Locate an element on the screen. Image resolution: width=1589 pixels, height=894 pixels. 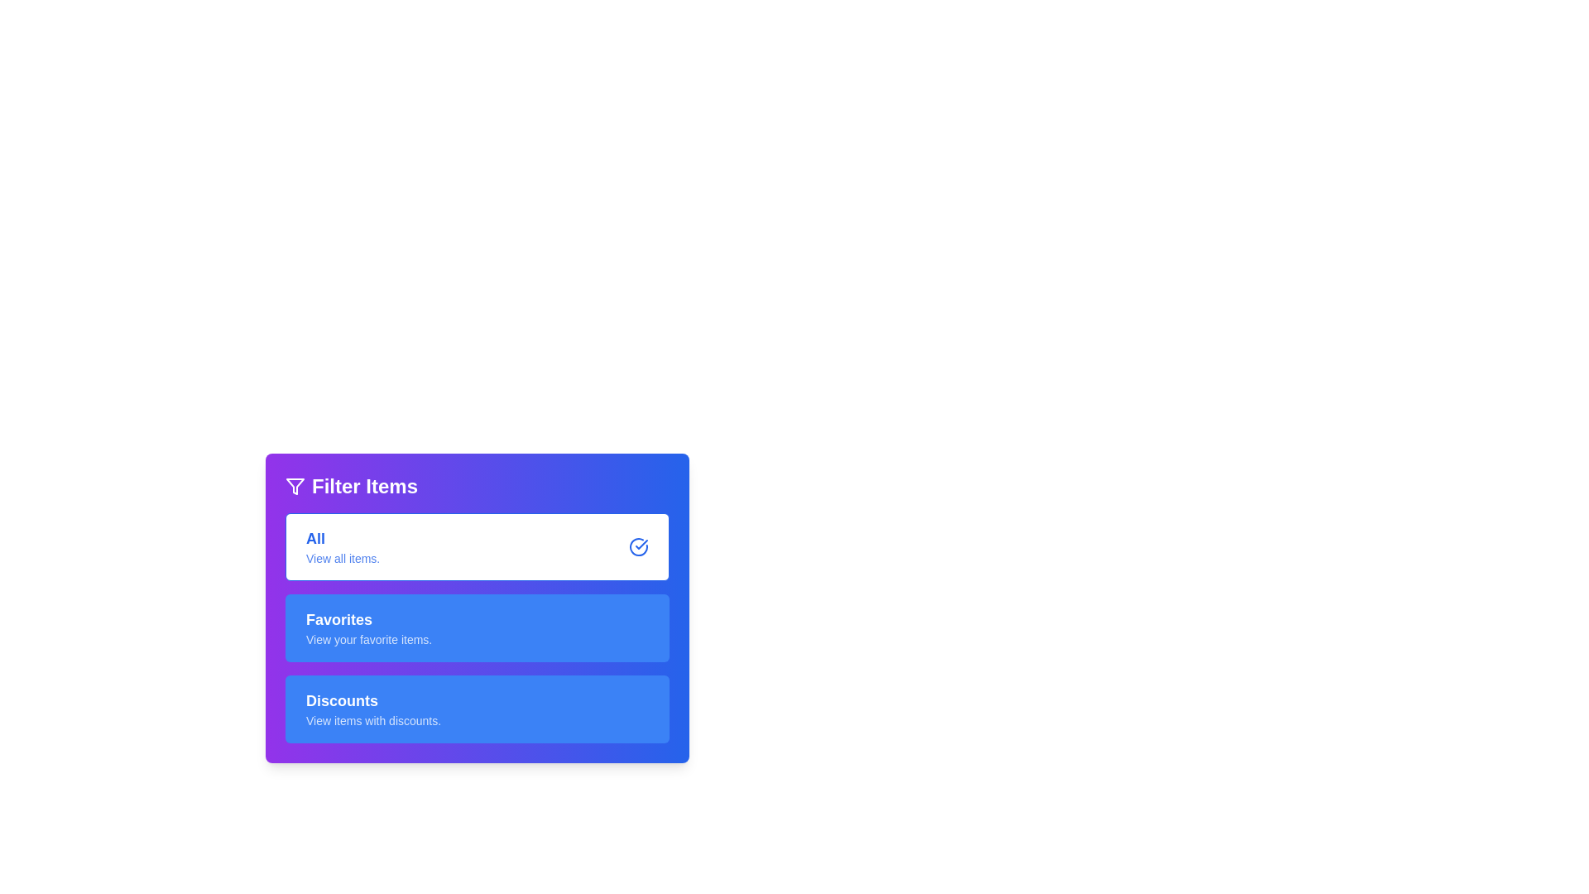
the third button in the 'Filter Items' panel is located at coordinates (372, 708).